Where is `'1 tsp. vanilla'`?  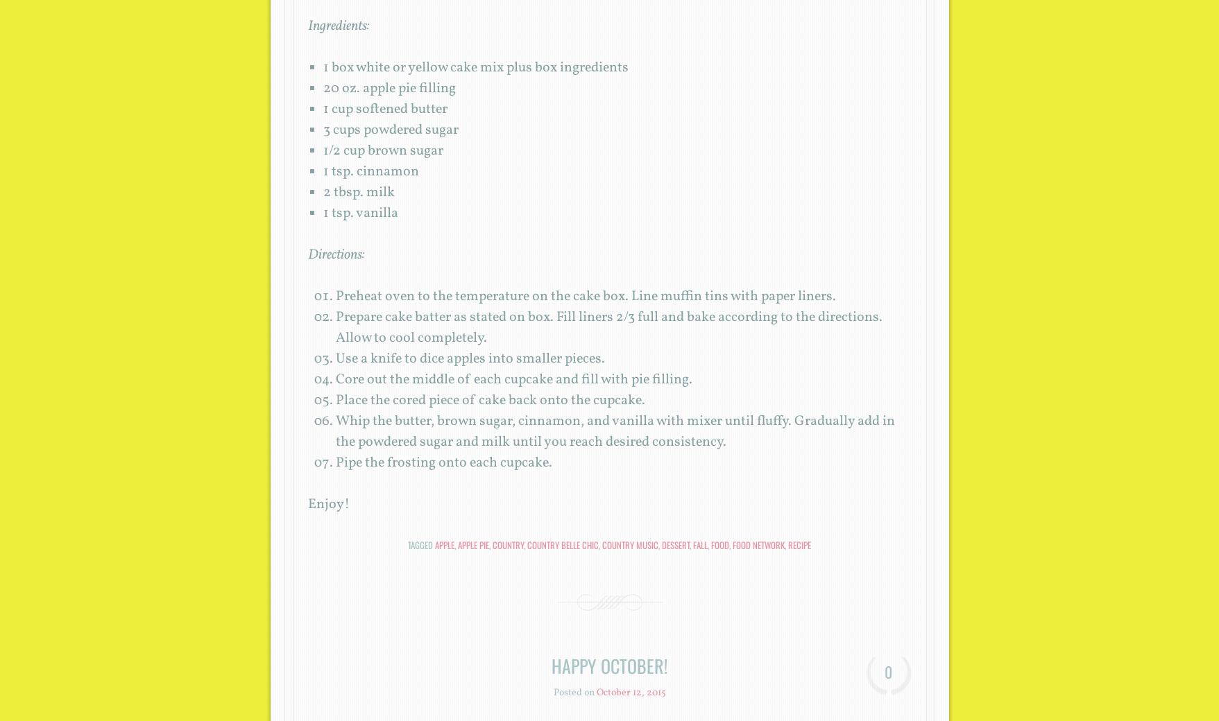
'1 tsp. vanilla' is located at coordinates (360, 213).